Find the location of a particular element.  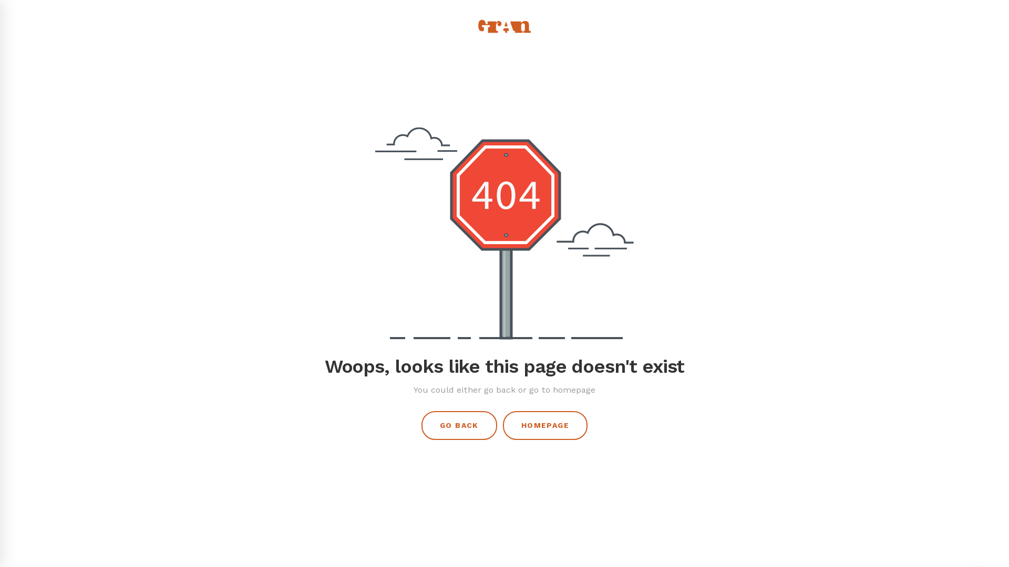

'HOMEPAGE' is located at coordinates (545, 425).